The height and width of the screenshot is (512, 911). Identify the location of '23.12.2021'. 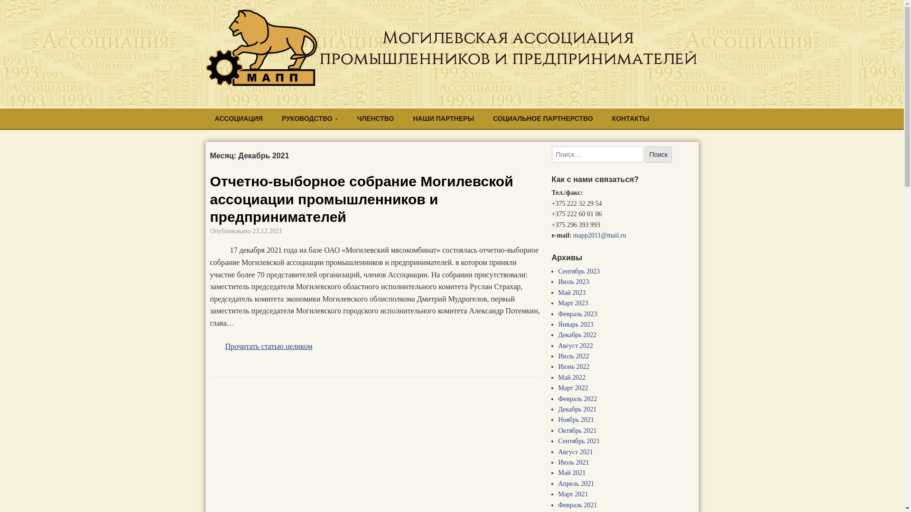
(267, 231).